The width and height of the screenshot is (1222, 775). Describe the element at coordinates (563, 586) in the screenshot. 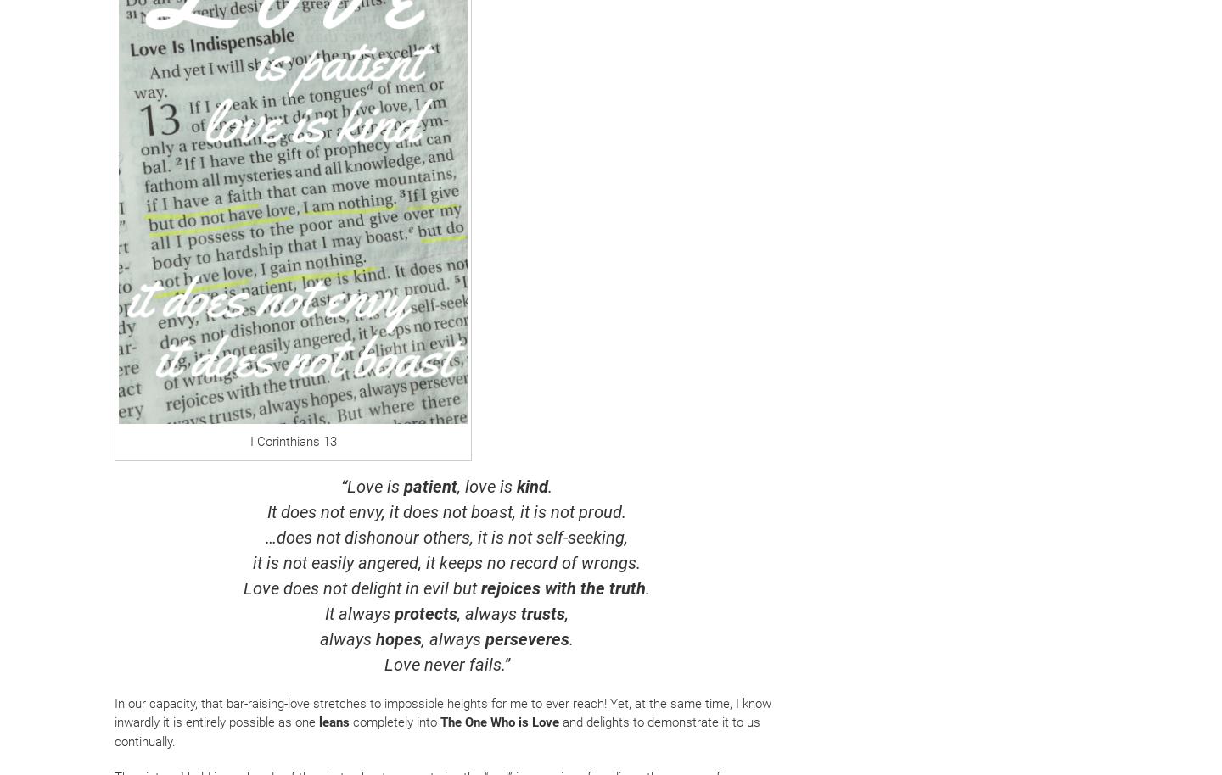

I see `'rejoices with the truth'` at that location.